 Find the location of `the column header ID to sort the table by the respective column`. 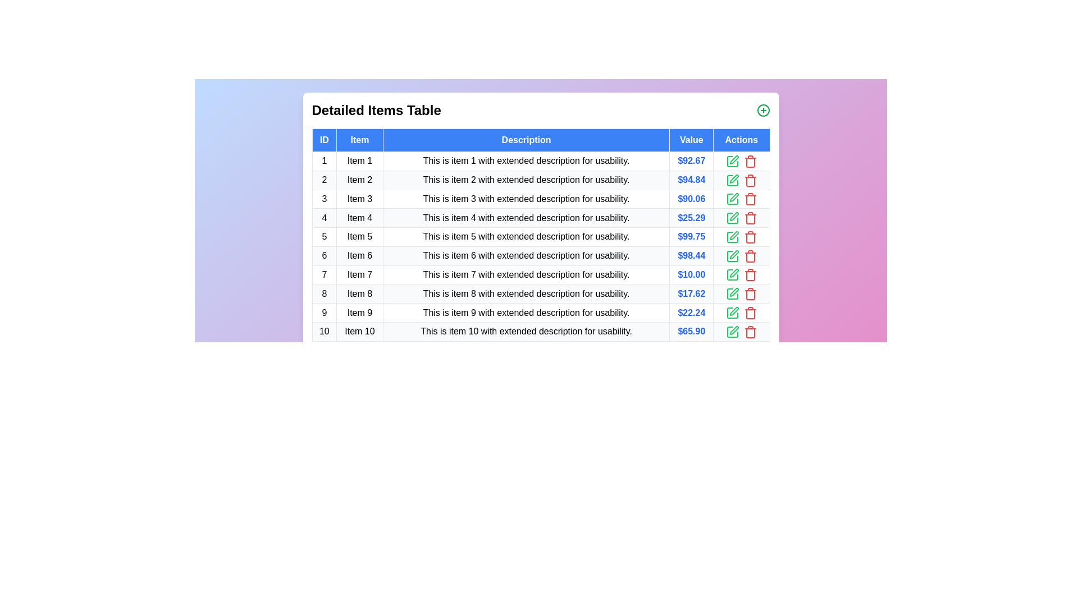

the column header ID to sort the table by the respective column is located at coordinates (323, 140).